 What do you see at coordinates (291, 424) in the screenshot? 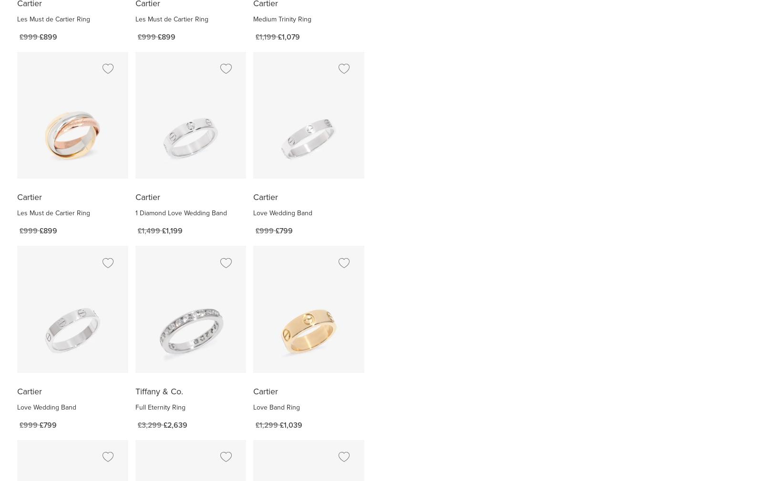
I see `'£1,039'` at bounding box center [291, 424].